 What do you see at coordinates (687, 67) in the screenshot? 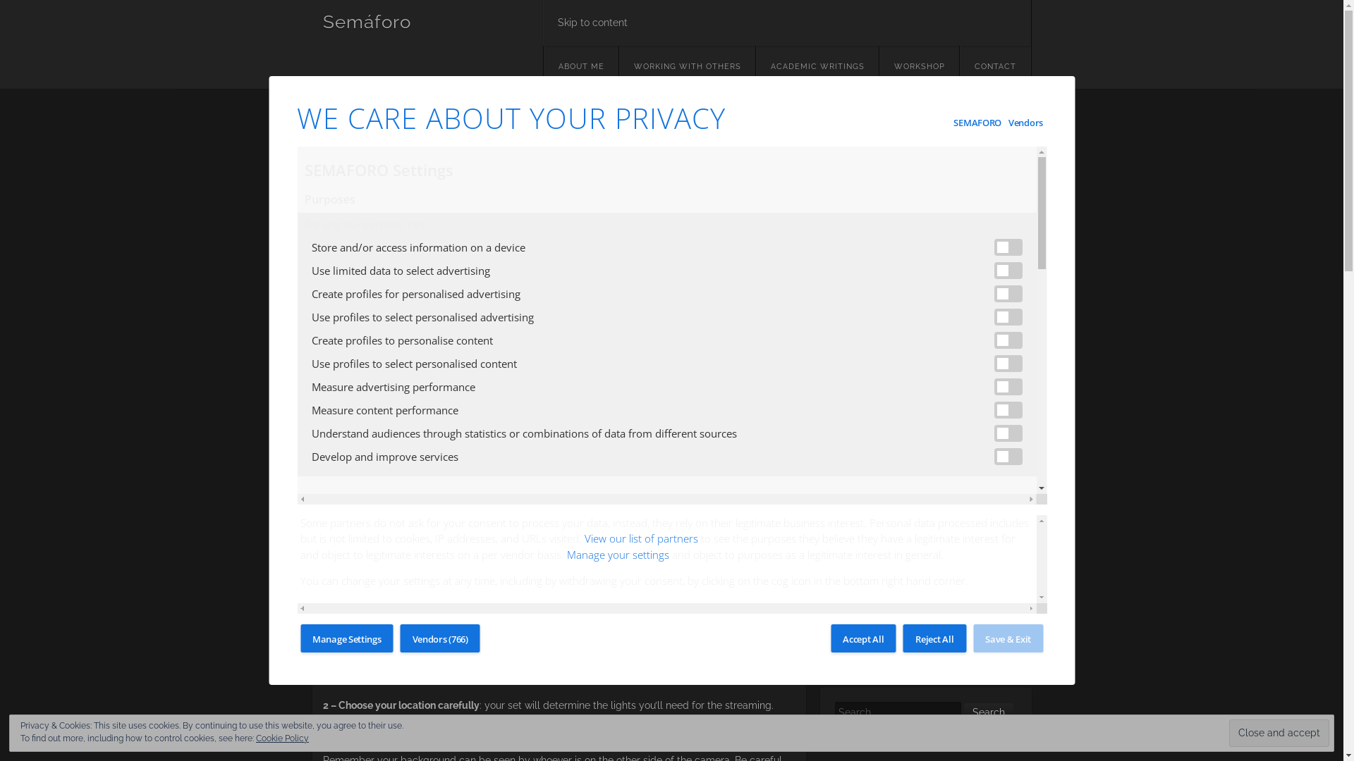
I see `'WORKING WITH OTHERS'` at bounding box center [687, 67].